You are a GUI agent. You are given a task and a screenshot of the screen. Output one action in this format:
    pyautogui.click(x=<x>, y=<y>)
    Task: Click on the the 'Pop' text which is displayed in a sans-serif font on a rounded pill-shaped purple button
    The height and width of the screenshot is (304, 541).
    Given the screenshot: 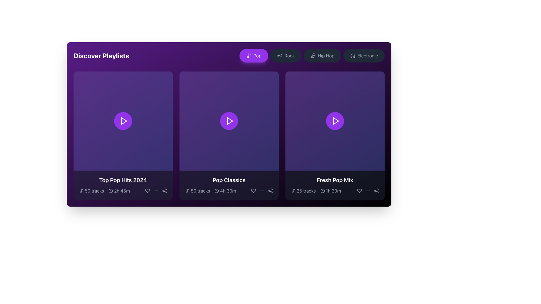 What is the action you would take?
    pyautogui.click(x=257, y=55)
    